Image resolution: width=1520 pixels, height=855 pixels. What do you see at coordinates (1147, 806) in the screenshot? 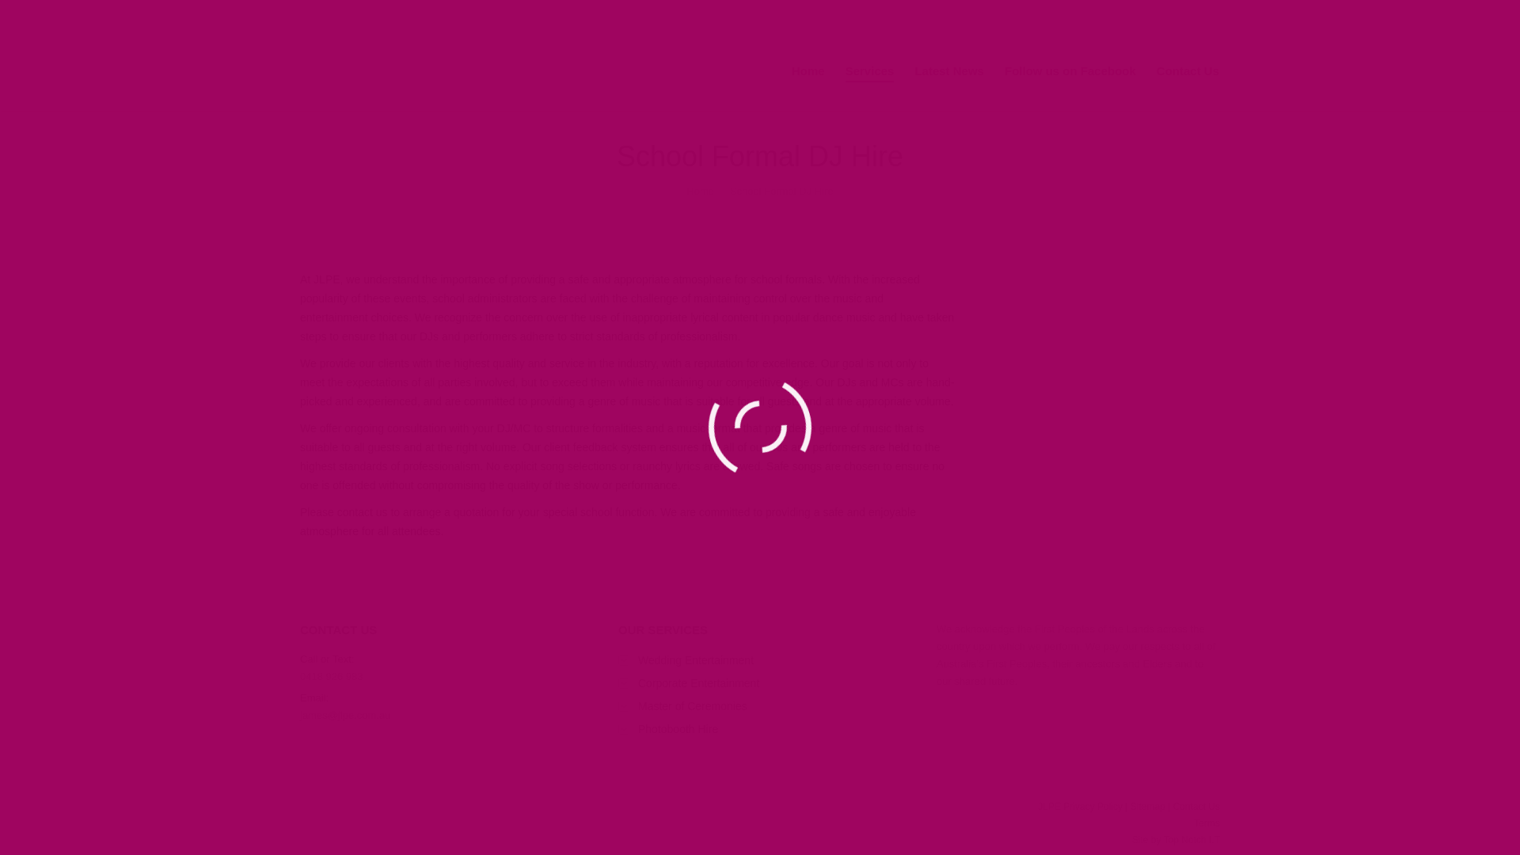
I see `'Sitemap'` at bounding box center [1147, 806].